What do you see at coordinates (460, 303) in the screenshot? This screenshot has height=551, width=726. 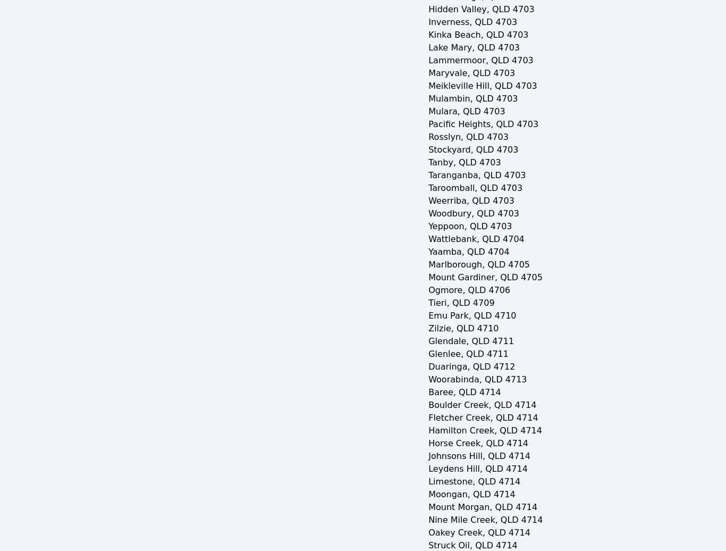 I see `'Tieri, QLD 4709'` at bounding box center [460, 303].